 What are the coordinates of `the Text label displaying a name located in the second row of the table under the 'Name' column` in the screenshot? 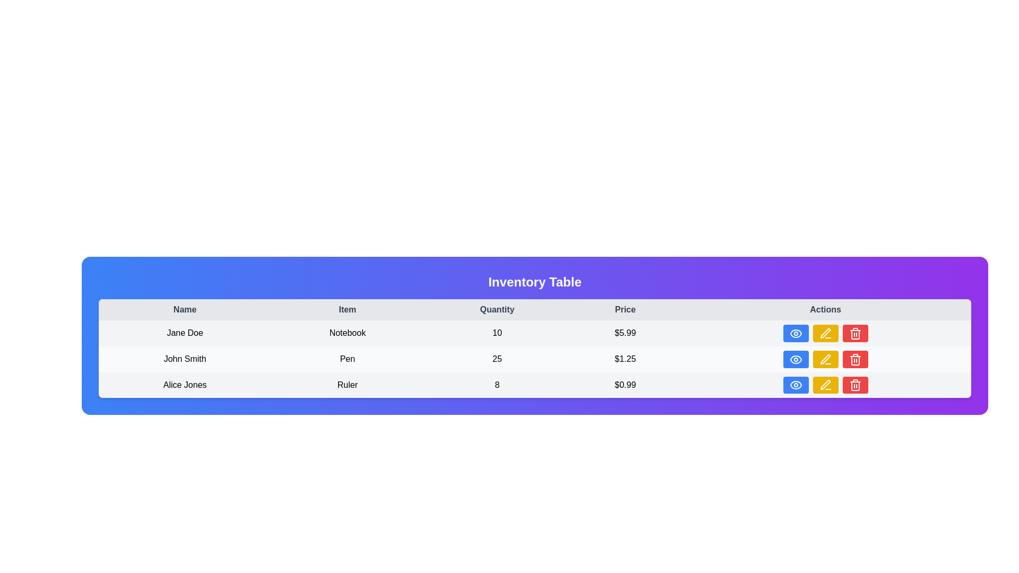 It's located at (185, 359).